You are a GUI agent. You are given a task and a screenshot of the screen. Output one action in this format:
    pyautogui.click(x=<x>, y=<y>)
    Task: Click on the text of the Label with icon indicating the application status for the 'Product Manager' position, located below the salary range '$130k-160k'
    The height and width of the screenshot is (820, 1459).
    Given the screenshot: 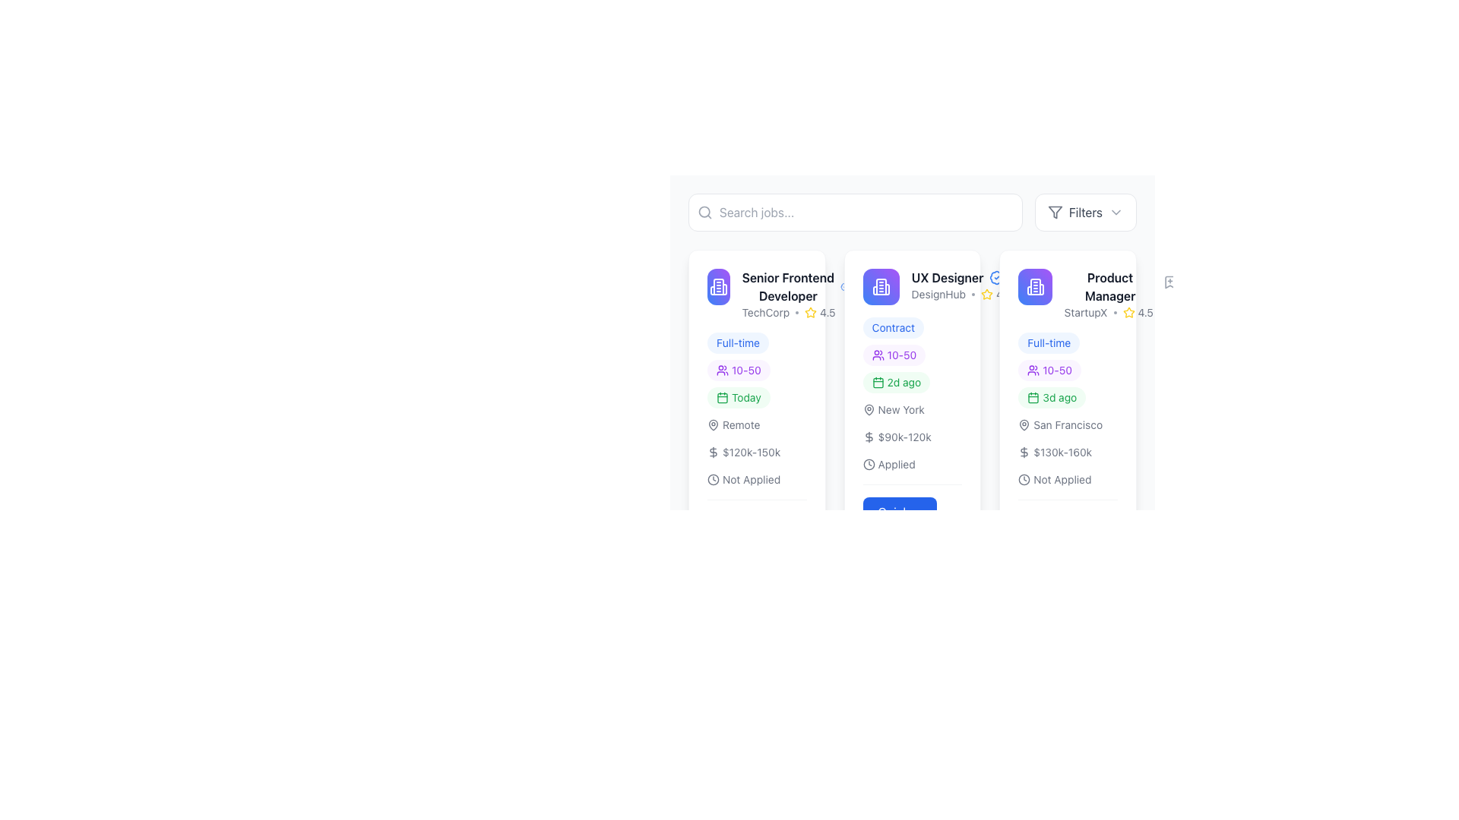 What is the action you would take?
    pyautogui.click(x=1054, y=480)
    